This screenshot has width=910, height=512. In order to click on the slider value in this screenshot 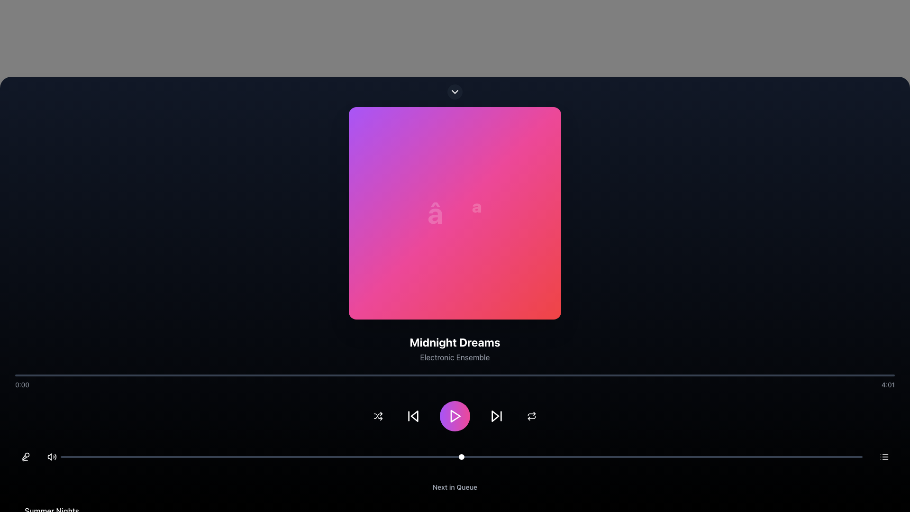, I will do `click(726, 457)`.